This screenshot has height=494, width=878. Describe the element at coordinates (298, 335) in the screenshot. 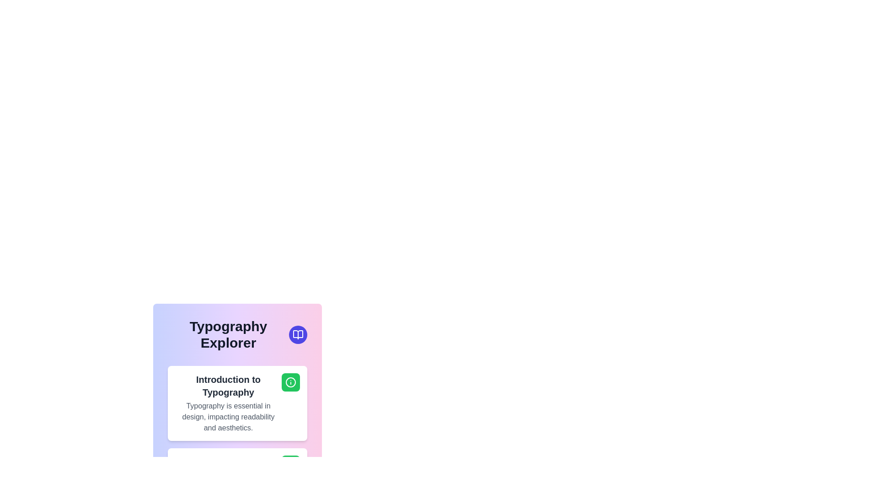

I see `the indigo rounded button with a white open book icon located at the top-right corner of the 'Typography Explorer' section` at that location.